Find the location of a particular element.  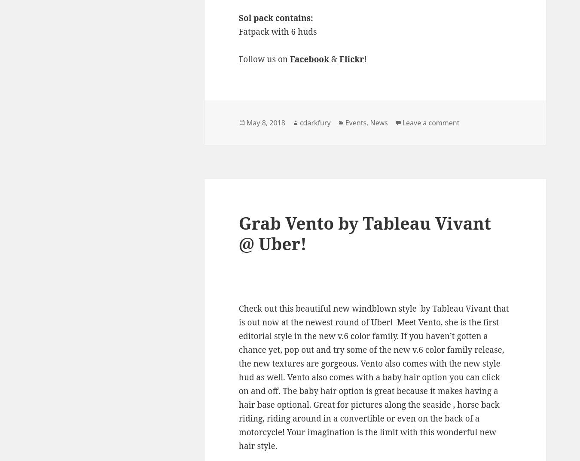

'Grab Vento by Tableau Vivant @ Uber!' is located at coordinates (364, 233).